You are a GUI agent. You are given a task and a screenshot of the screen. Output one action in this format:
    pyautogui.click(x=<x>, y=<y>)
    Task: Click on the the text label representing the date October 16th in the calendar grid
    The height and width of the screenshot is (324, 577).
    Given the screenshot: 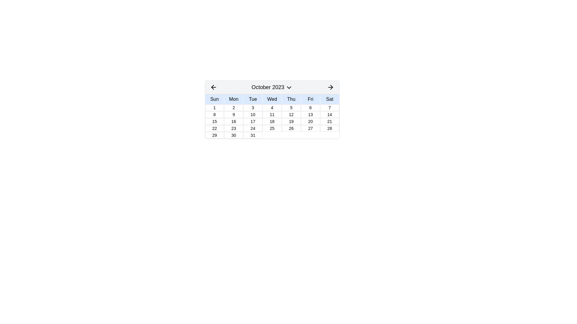 What is the action you would take?
    pyautogui.click(x=233, y=121)
    